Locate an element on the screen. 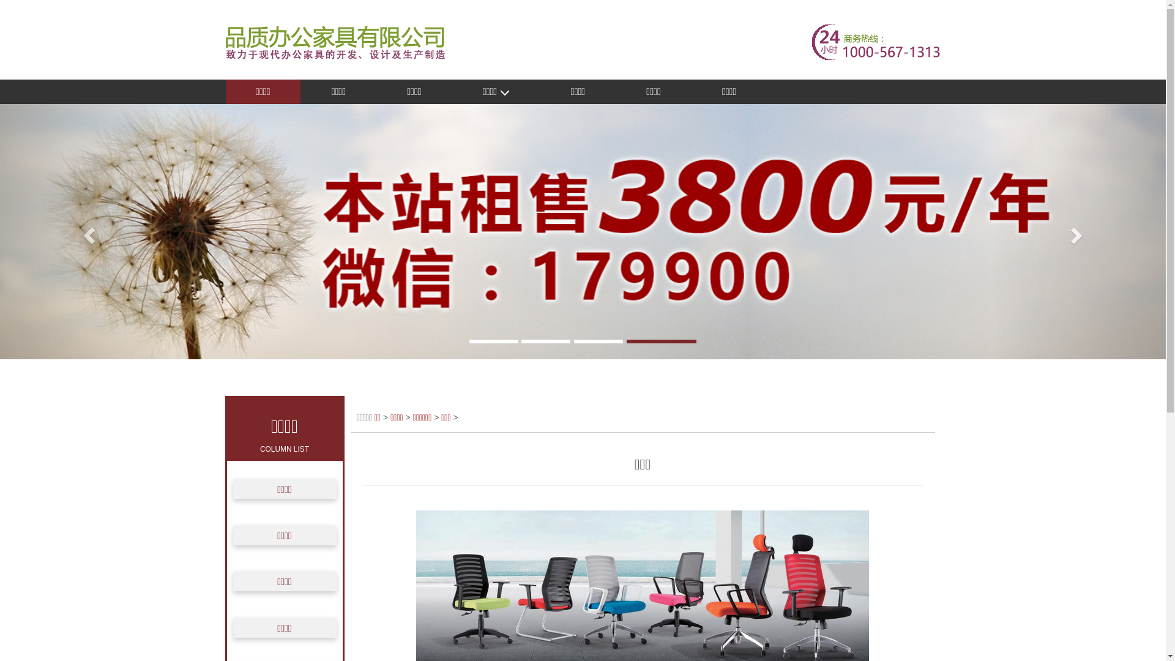 The image size is (1175, 661). 'Previous' is located at coordinates (87, 231).